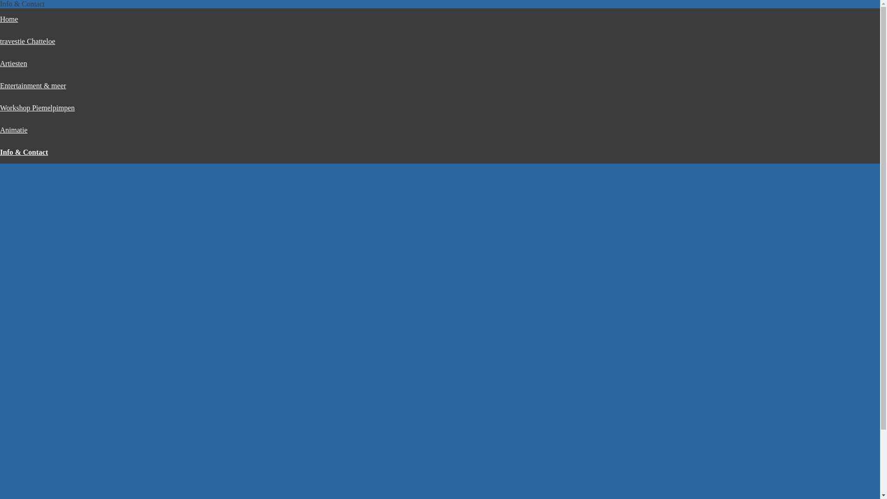  I want to click on 'Entertainment & meer', so click(0, 85).